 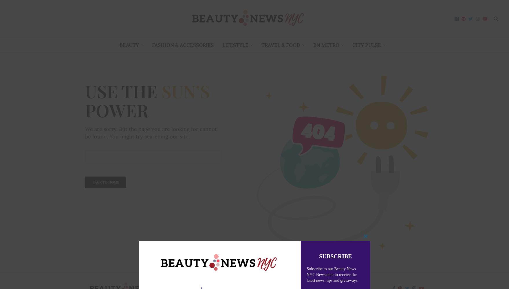 I want to click on 'BN Metro', so click(x=325, y=45).